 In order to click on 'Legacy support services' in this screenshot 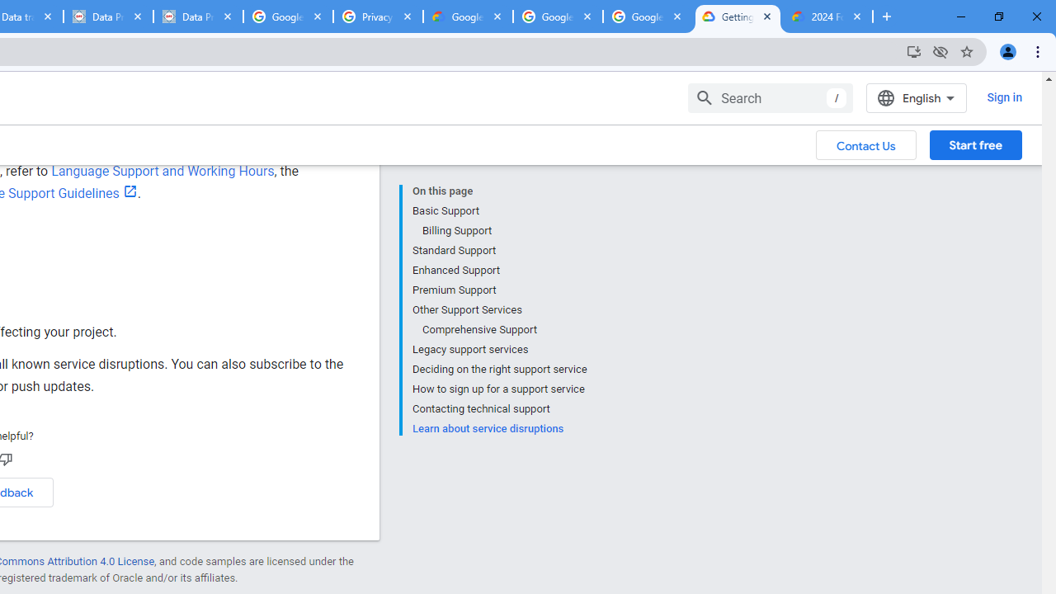, I will do `click(498, 349)`.